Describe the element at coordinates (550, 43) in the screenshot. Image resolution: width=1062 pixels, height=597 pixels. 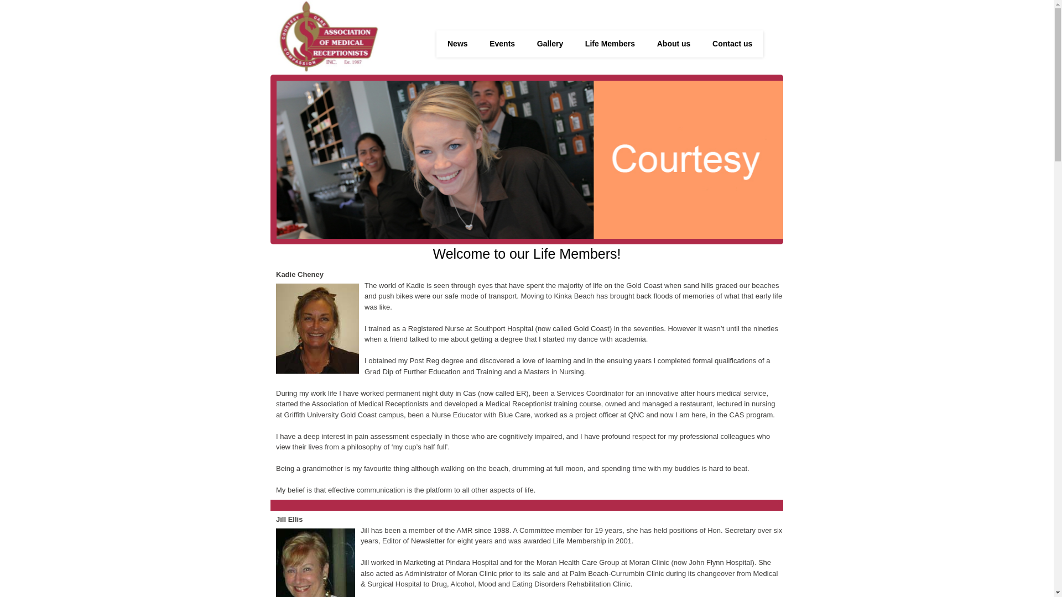
I see `'Gallery'` at that location.